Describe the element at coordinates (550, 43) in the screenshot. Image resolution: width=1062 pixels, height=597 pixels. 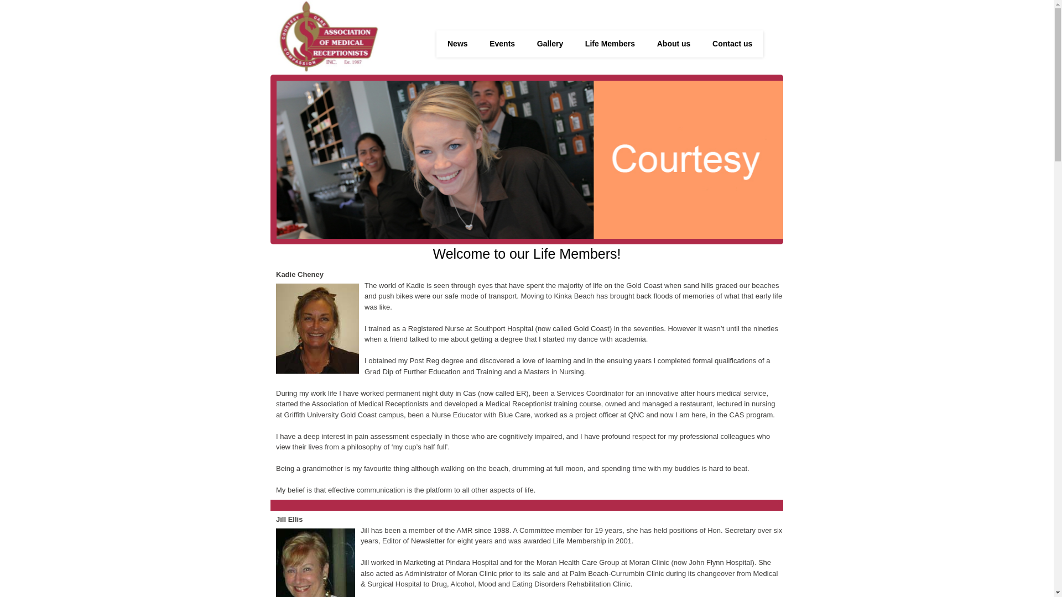
I see `'Gallery'` at that location.